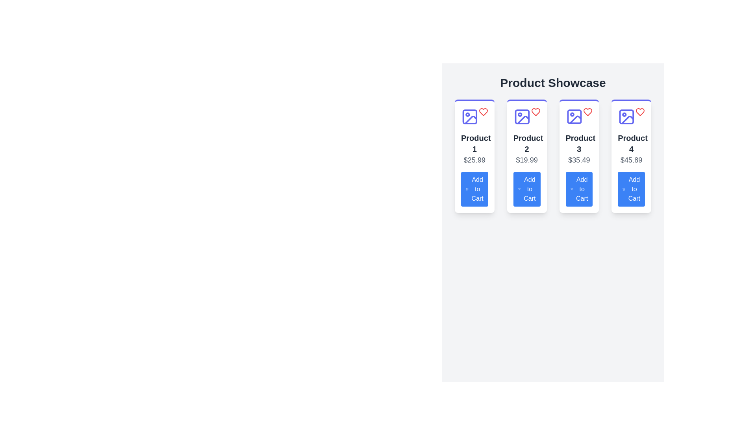 The width and height of the screenshot is (756, 425). What do you see at coordinates (631, 160) in the screenshot?
I see `the price display for 'Product 4', which is located in the card layout between the title and the 'Add to Cart' button` at bounding box center [631, 160].